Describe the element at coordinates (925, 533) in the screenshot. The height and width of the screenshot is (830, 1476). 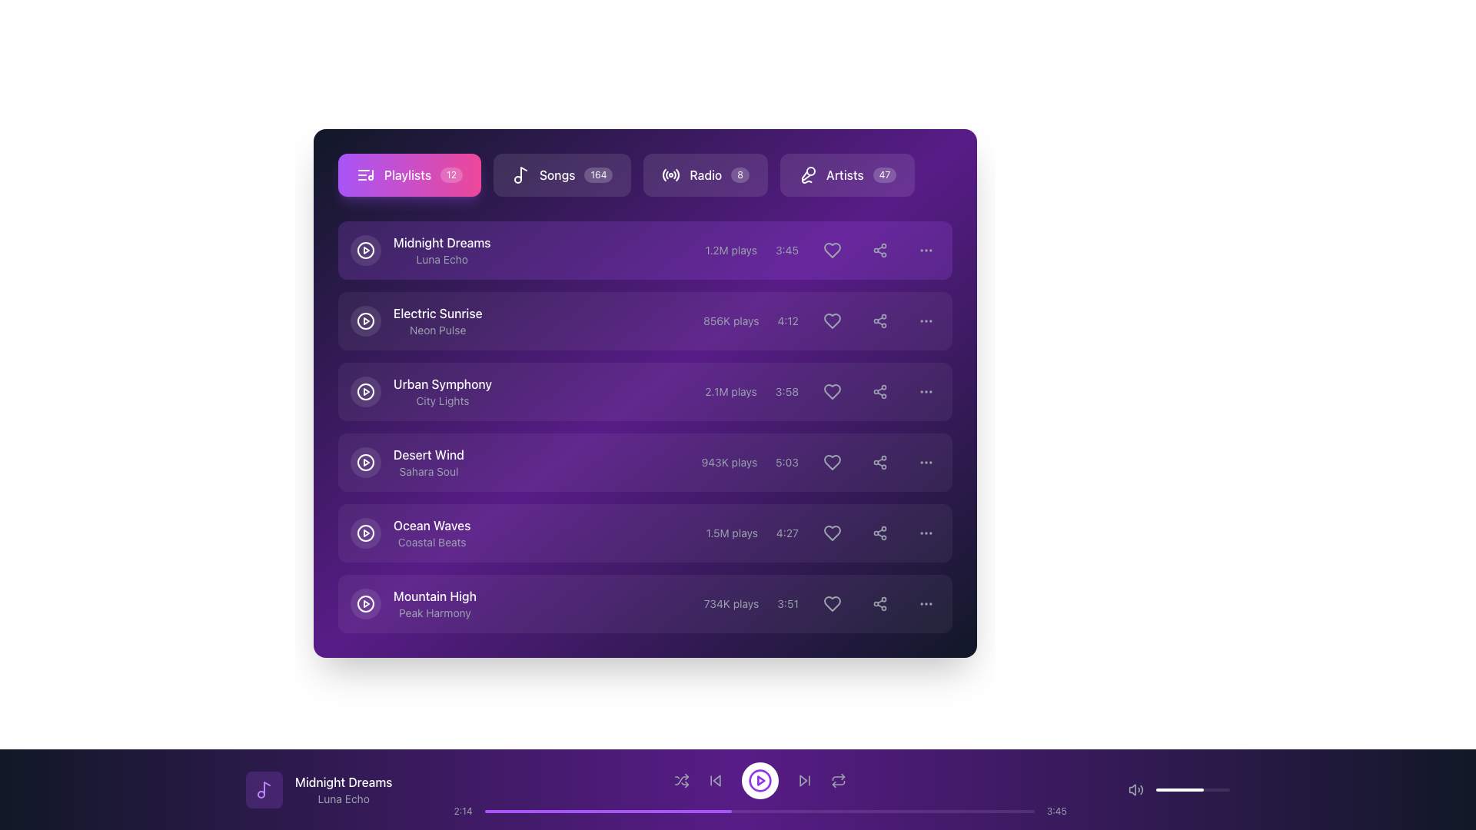
I see `the horizontal ellipsis icon consisting of three evenly spaced dots located at the rightmost side of the list entry for the song 'Ocean Waves' by 'Coastal Beats'` at that location.